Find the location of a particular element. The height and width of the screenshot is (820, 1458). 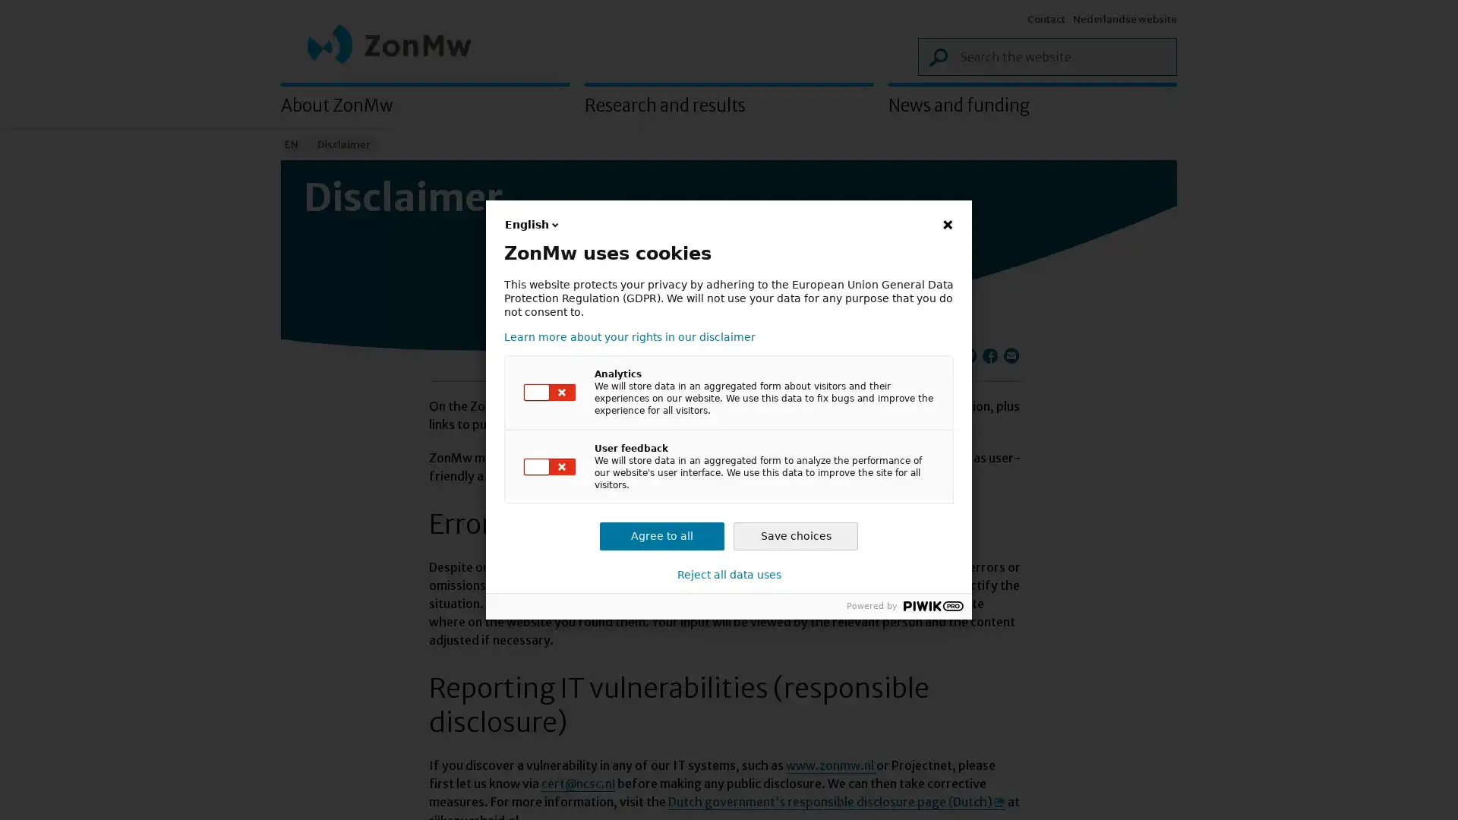

Search is located at coordinates (908, 57).